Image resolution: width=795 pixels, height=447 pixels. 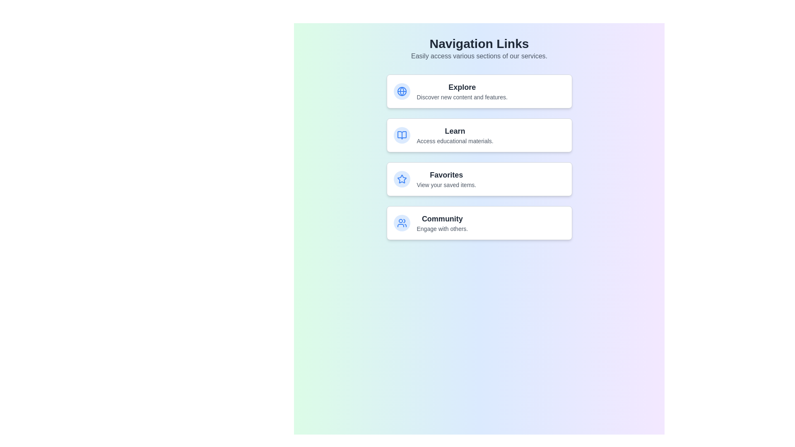 What do you see at coordinates (462, 97) in the screenshot?
I see `text label that says 'Discover new content and features.' which is styled with a small font size and gray color, positioned under the 'Explore' text in the first navigation tile` at bounding box center [462, 97].